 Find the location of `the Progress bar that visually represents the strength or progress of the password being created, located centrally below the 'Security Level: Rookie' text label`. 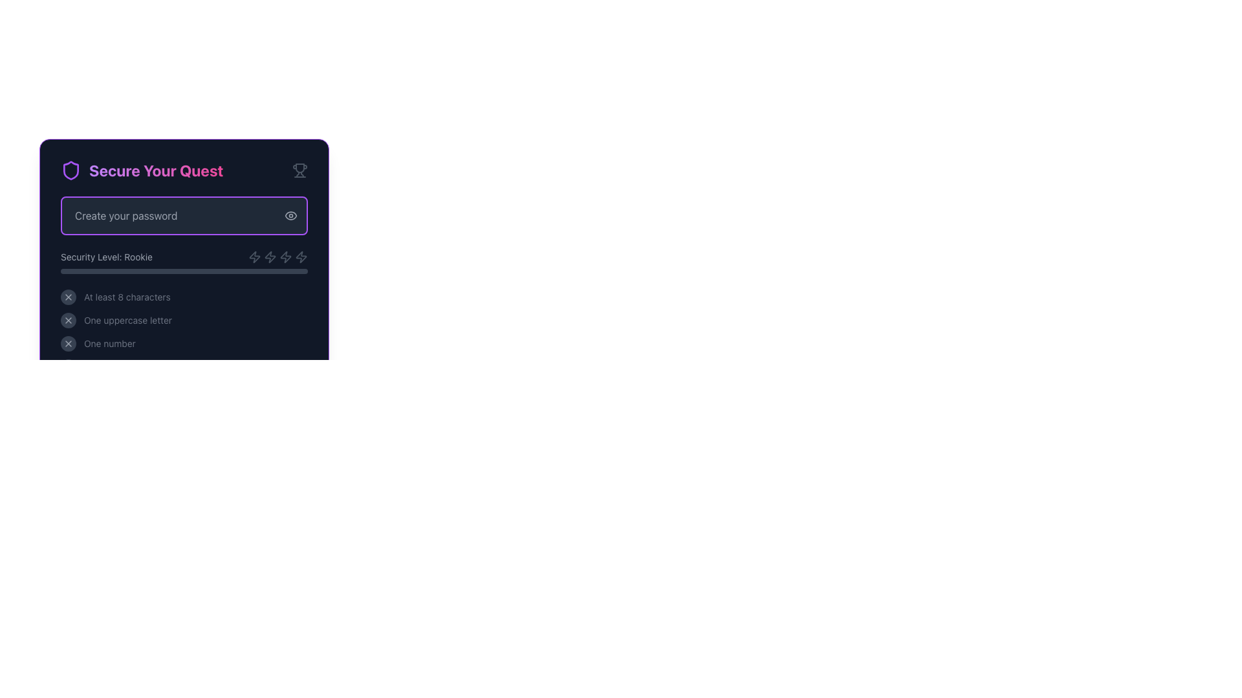

the Progress bar that visually represents the strength or progress of the password being created, located centrally below the 'Security Level: Rookie' text label is located at coordinates (183, 271).